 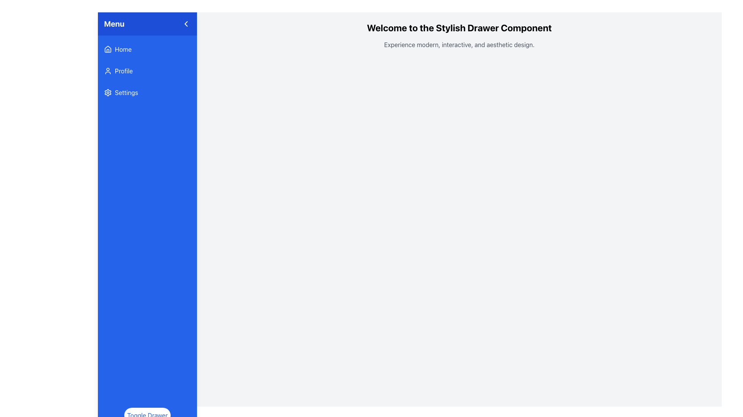 I want to click on the 'Menu' text label, which is styled with bold and large white font on a blue background, located at the top-left corner of the sidebar region, so click(x=114, y=23).